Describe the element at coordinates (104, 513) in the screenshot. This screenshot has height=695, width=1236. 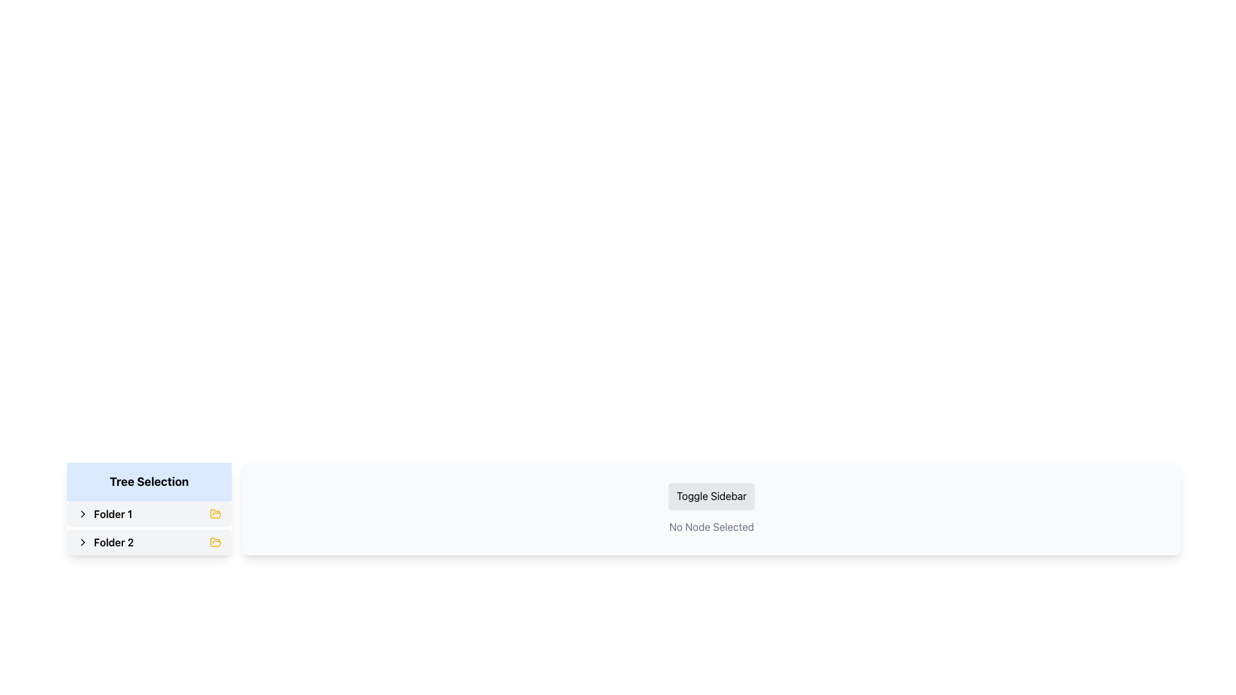
I see `the 'Folder 1' text label in the sidebar menu under the 'Tree Selection' section` at that location.